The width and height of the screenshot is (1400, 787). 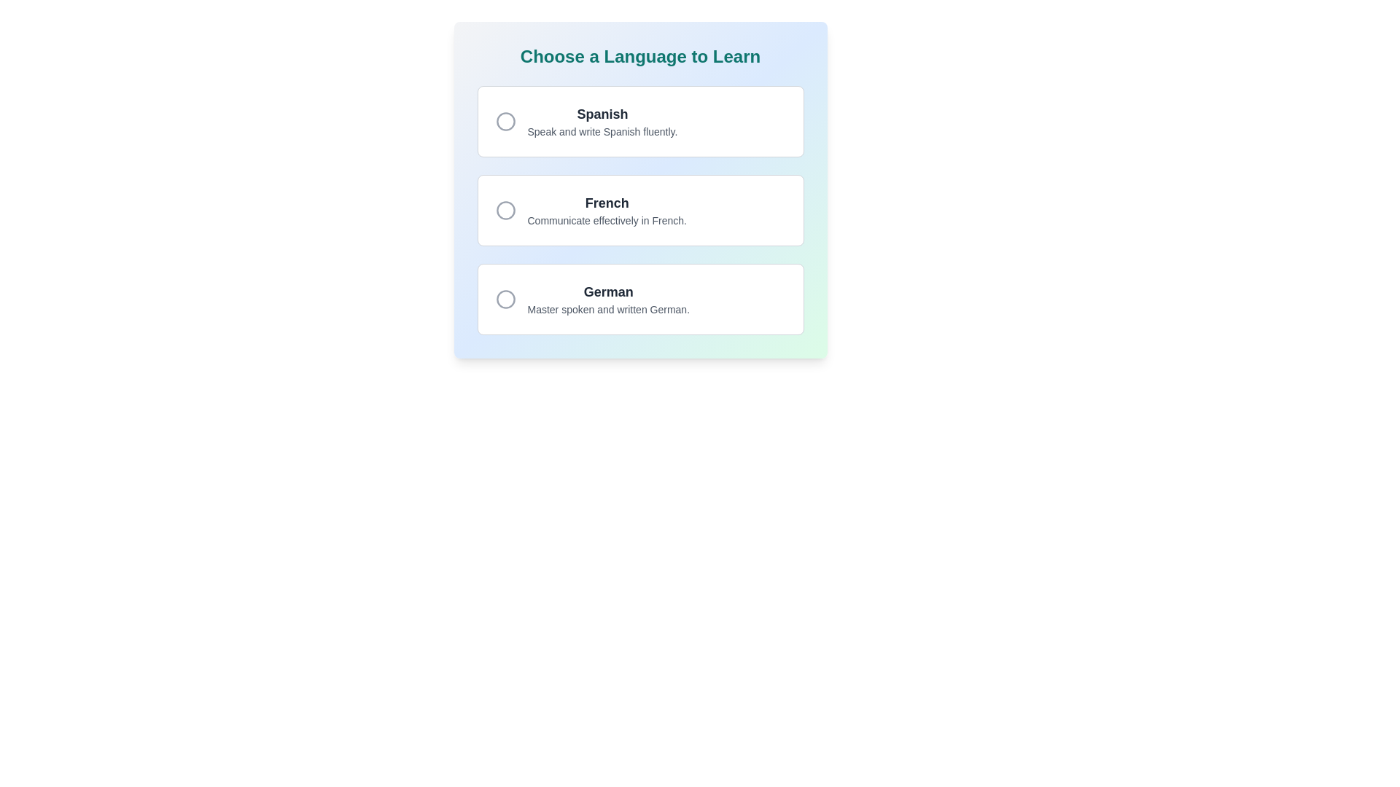 I want to click on the circular radio button with a light gray border, so click(x=505, y=211).